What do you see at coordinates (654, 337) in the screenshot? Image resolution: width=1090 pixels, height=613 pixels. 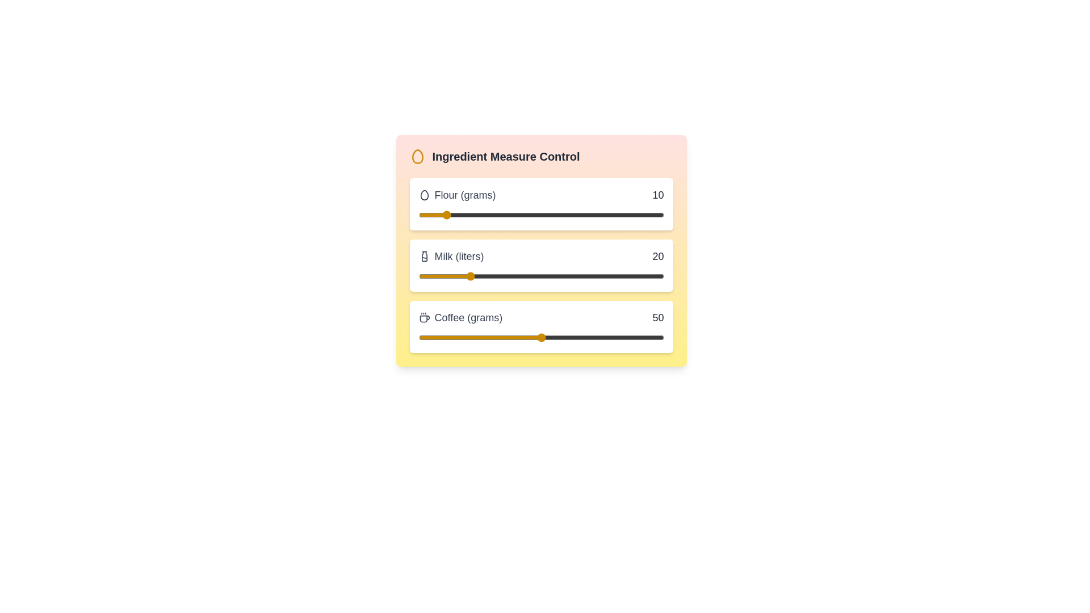 I see `the coffee amount` at bounding box center [654, 337].